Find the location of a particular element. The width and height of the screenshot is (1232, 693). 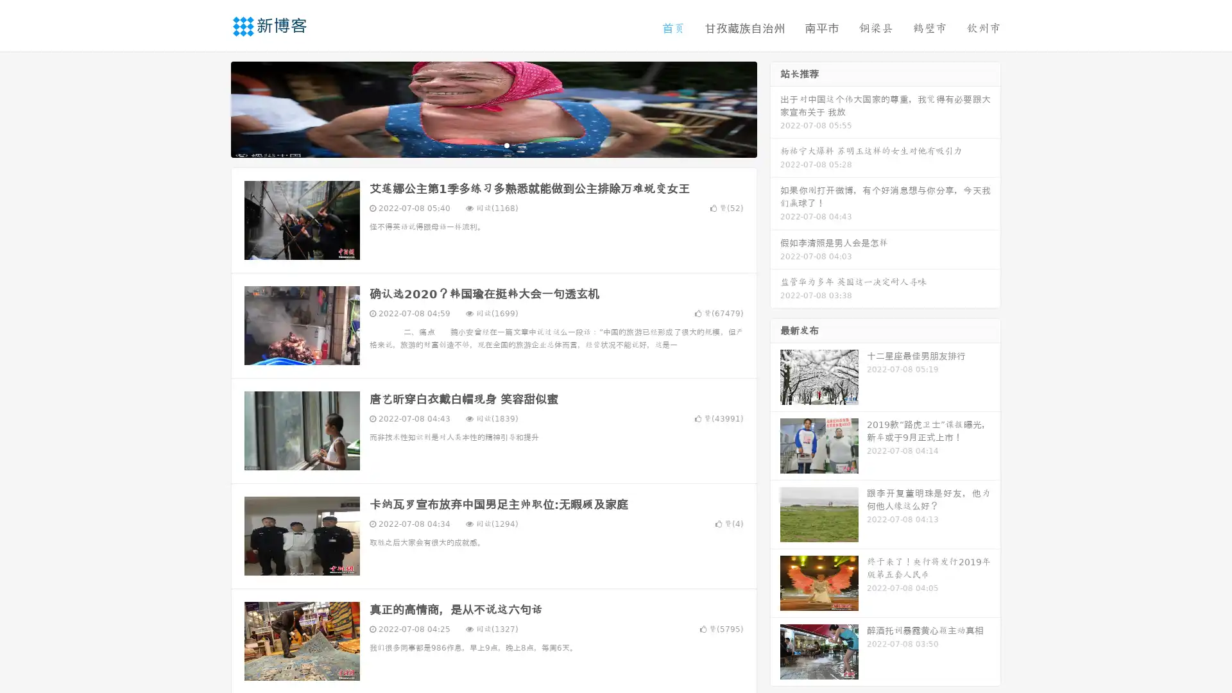

Go to slide 1 is located at coordinates (480, 144).